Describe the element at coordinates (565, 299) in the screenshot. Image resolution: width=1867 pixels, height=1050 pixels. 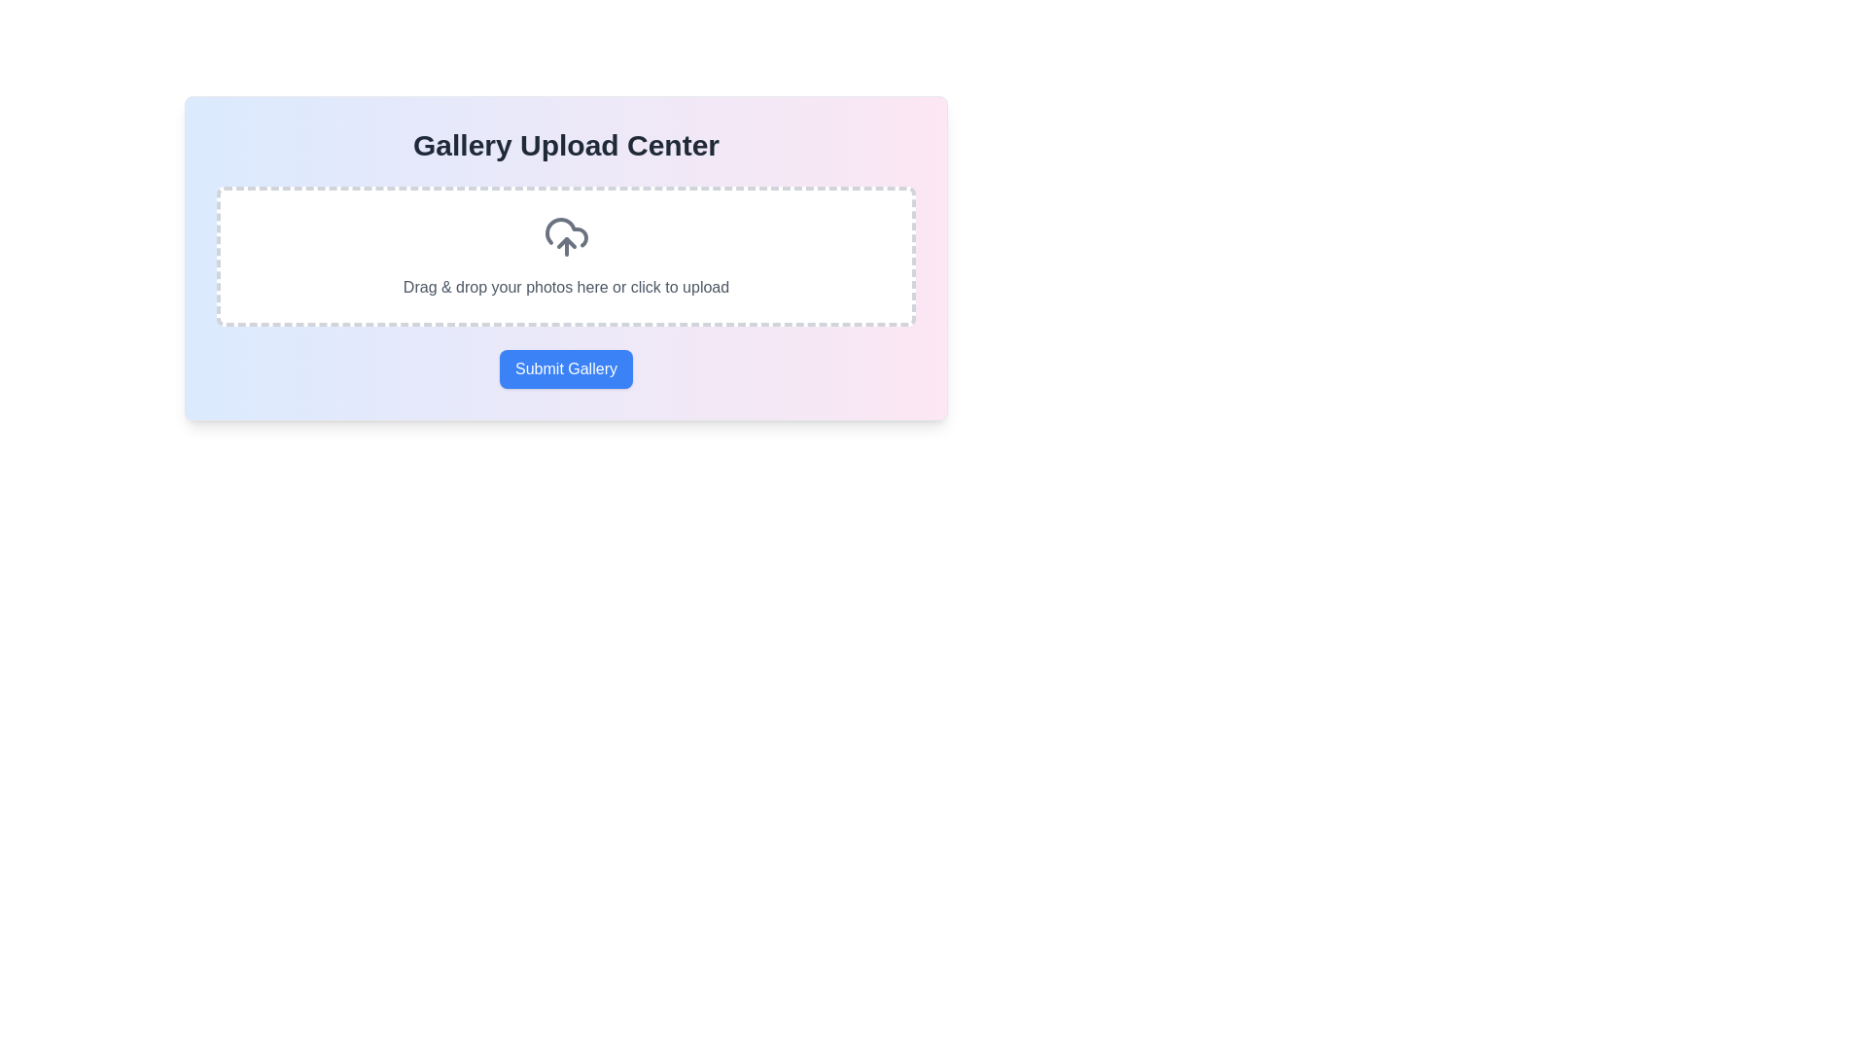
I see `the File input area within the bordered panel` at that location.